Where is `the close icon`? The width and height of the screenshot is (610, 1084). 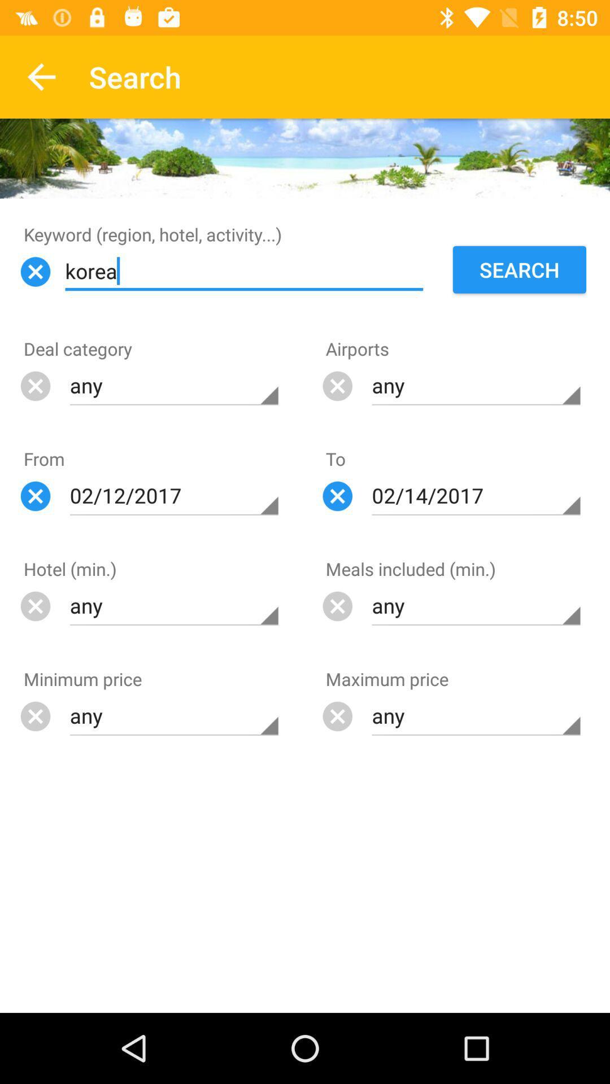 the close icon is located at coordinates (337, 606).